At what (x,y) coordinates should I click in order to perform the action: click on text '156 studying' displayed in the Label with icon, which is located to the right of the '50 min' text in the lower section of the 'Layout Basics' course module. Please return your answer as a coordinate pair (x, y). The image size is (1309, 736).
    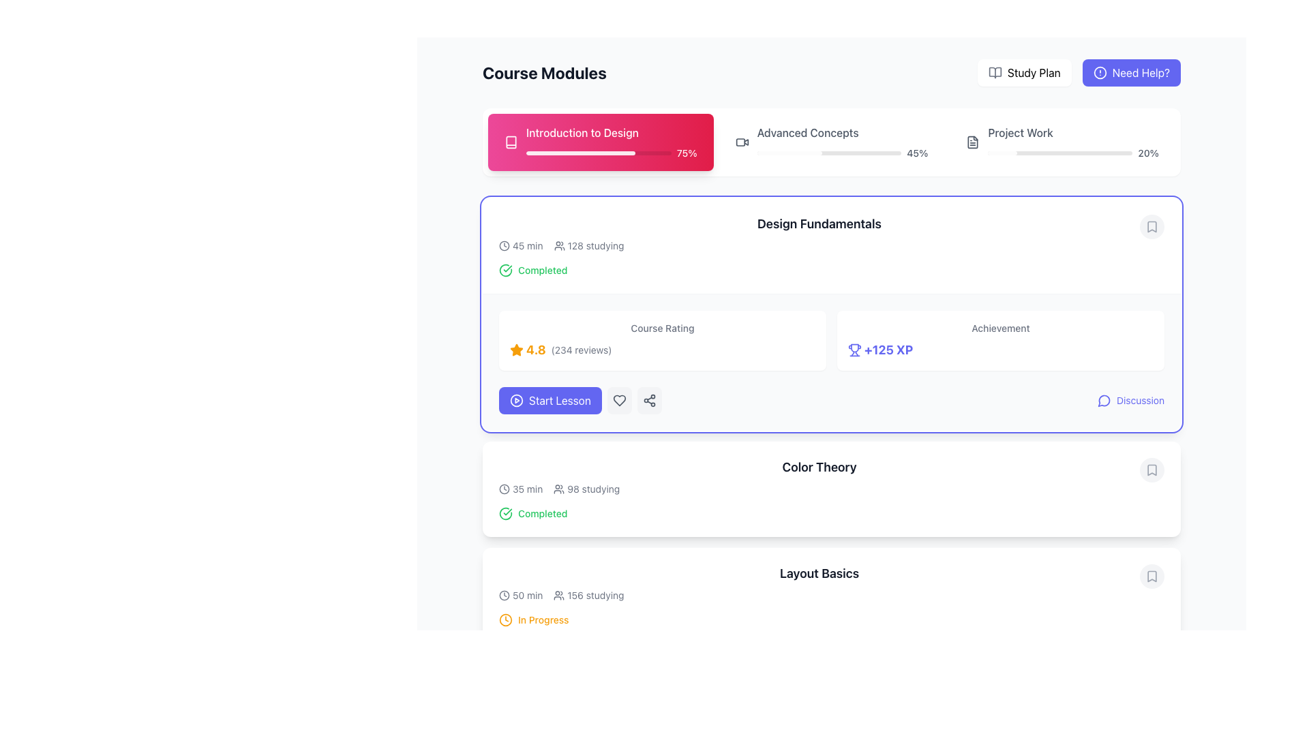
    Looking at the image, I should click on (588, 595).